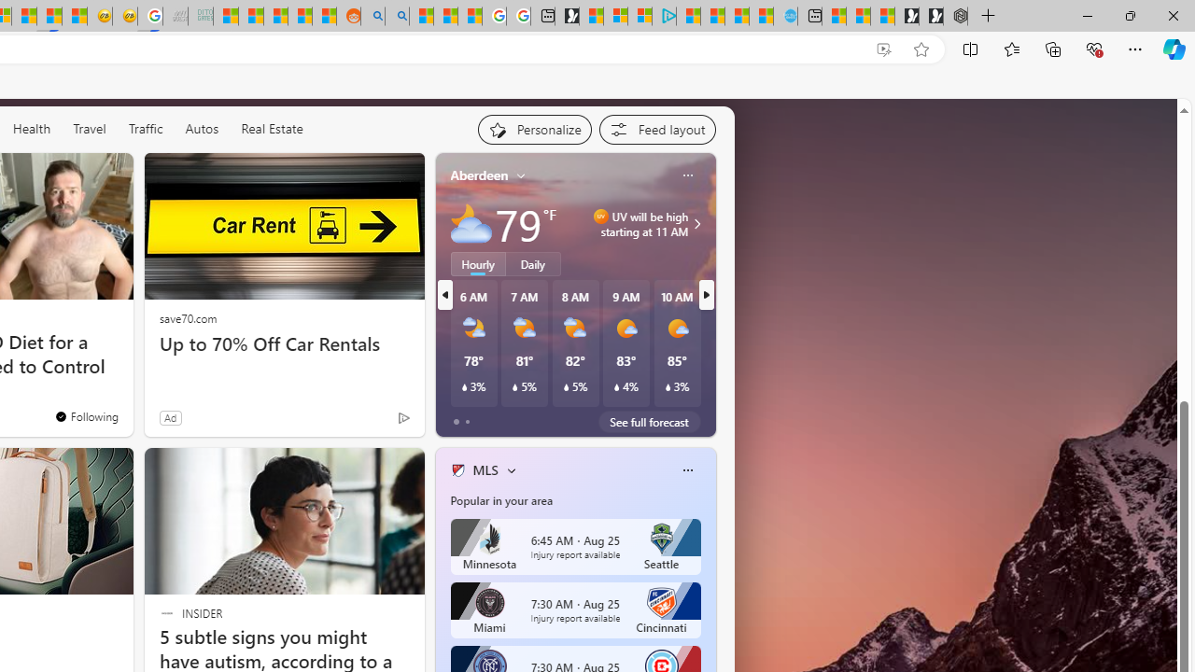 The height and width of the screenshot is (672, 1195). Describe the element at coordinates (85, 415) in the screenshot. I see `'You'` at that location.